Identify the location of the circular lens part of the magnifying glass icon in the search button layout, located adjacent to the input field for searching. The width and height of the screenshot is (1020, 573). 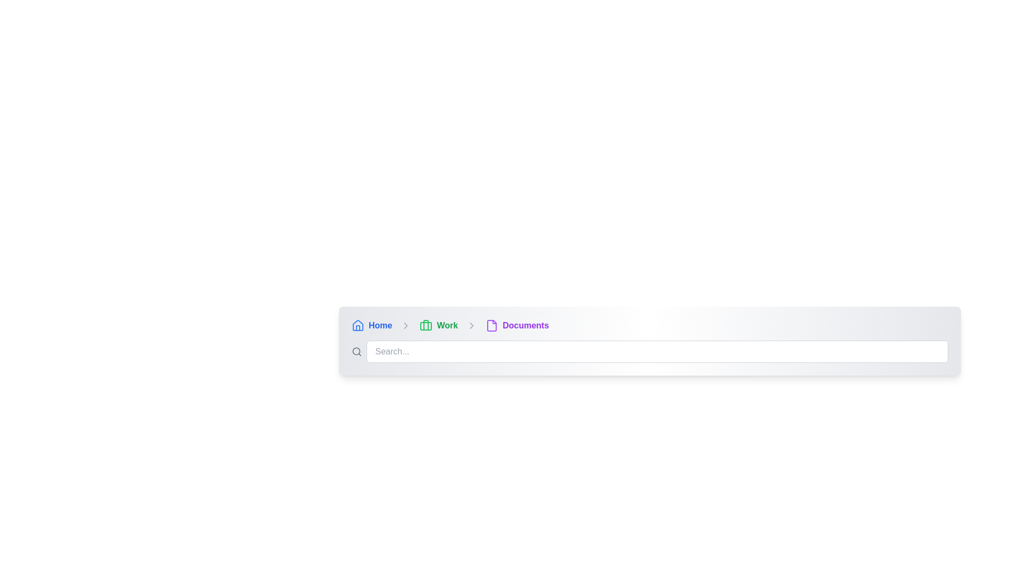
(356, 351).